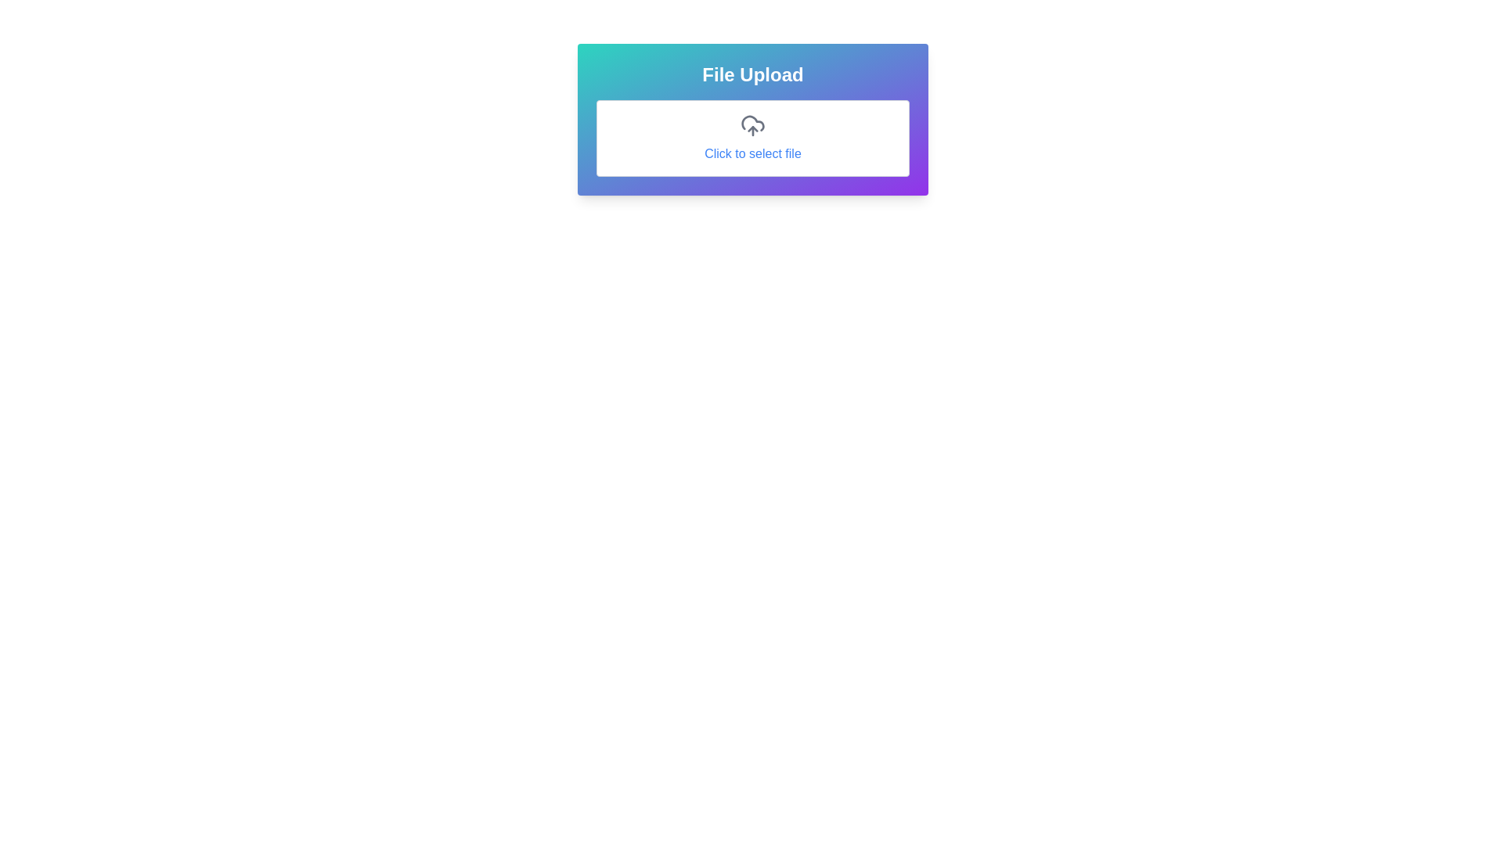  Describe the element at coordinates (752, 153) in the screenshot. I see `the clickable text link that opens the file selector for users` at that location.